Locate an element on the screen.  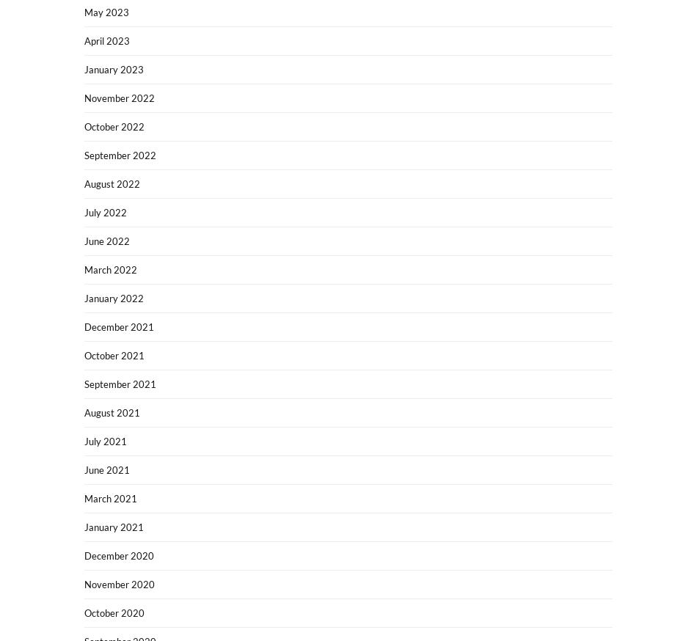
'November 2020' is located at coordinates (120, 584).